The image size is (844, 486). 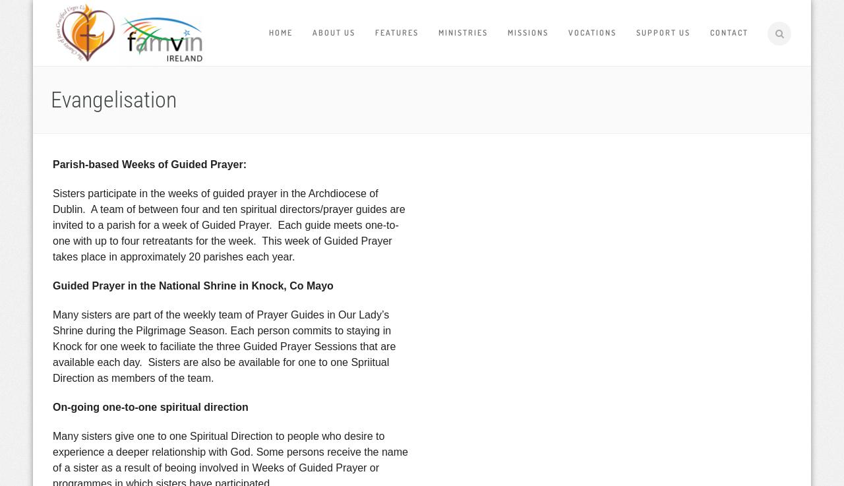 I want to click on 'Contact', so click(x=729, y=32).